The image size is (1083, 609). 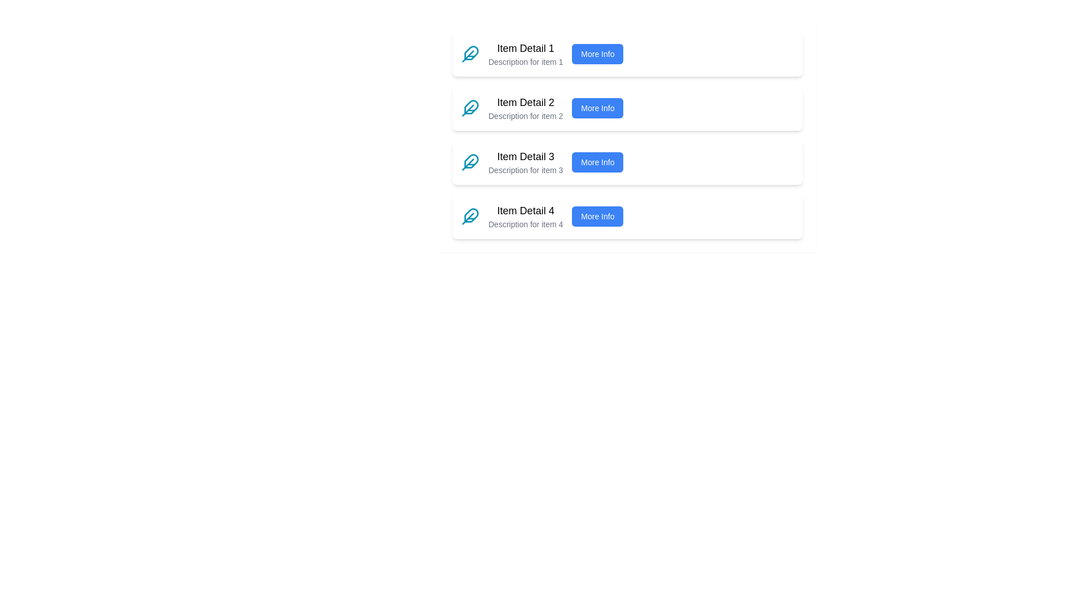 I want to click on the text label reading 'Description for item 4' styled in gray color, positioned directly below the 'Item Detail 4' header, so click(x=525, y=224).